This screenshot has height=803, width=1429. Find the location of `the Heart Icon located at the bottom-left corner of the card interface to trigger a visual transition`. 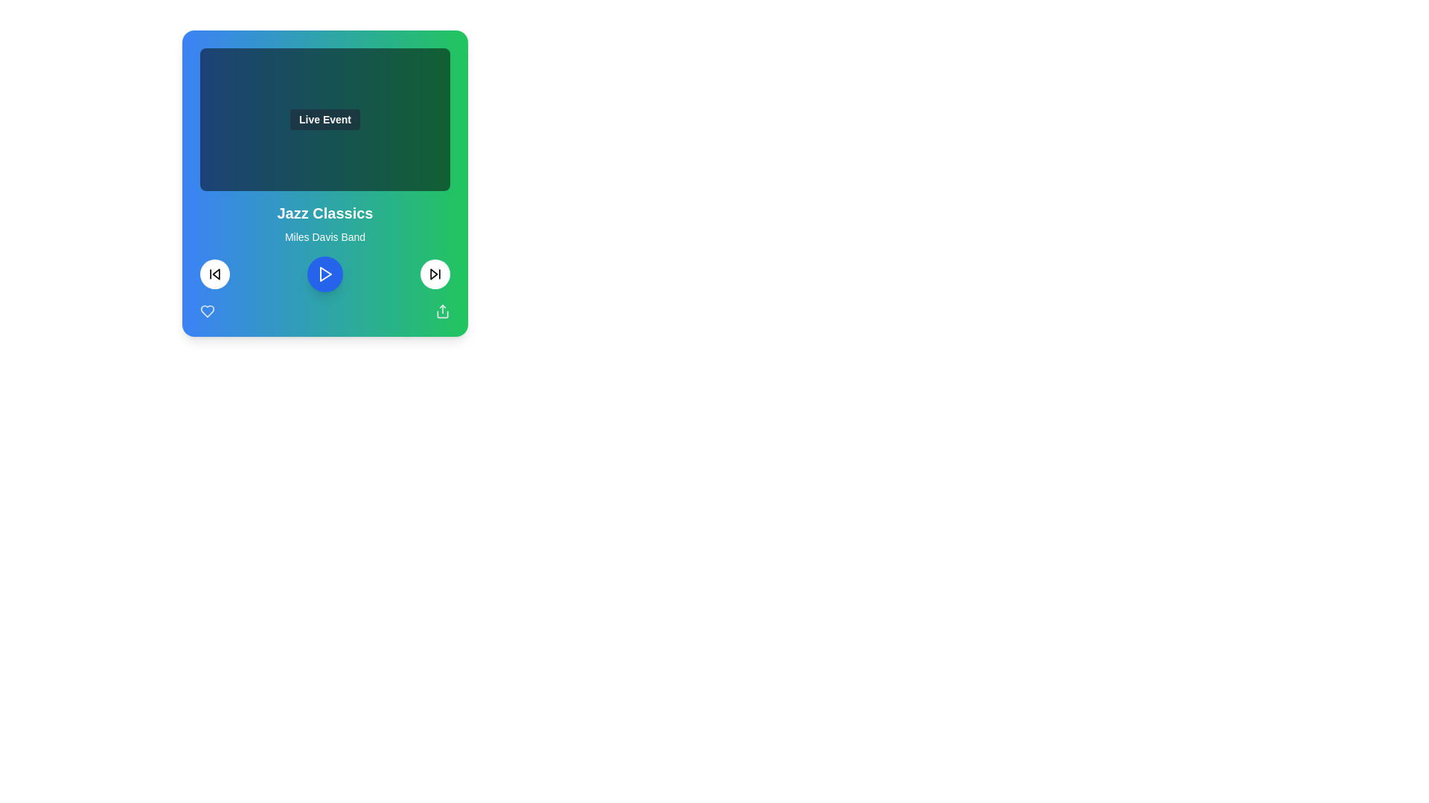

the Heart Icon located at the bottom-left corner of the card interface to trigger a visual transition is located at coordinates (206, 311).